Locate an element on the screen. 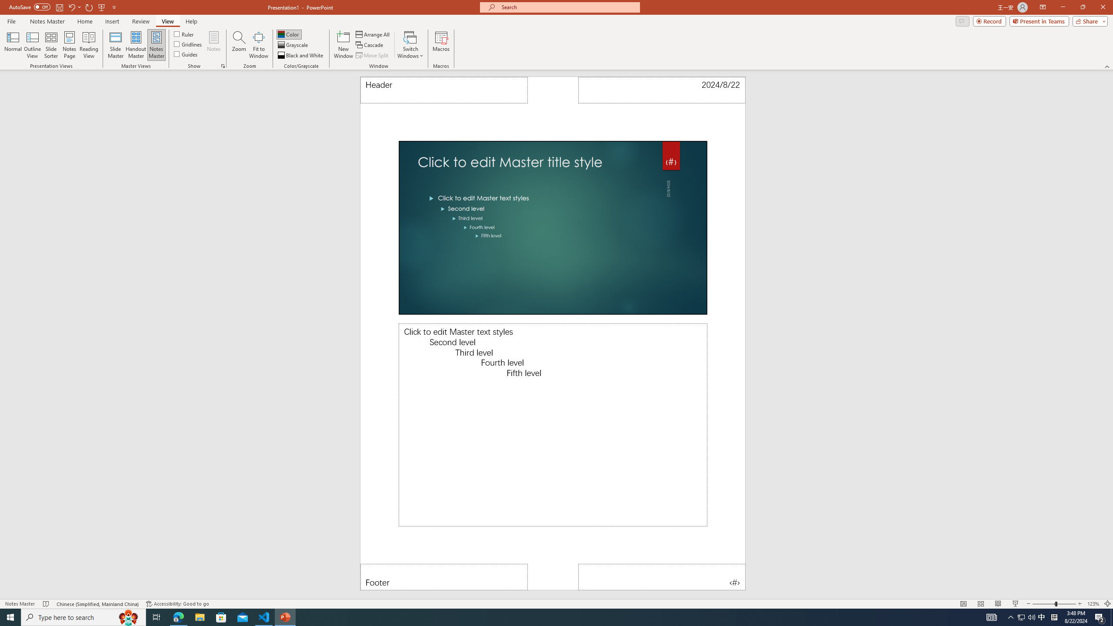 This screenshot has width=1113, height=626. 'New Window' is located at coordinates (343, 45).